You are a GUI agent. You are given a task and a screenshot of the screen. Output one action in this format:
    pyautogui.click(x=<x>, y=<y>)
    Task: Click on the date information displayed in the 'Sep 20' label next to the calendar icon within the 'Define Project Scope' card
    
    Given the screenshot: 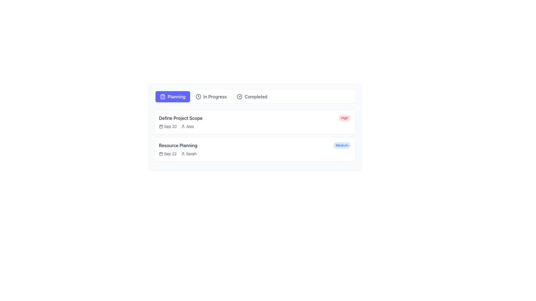 What is the action you would take?
    pyautogui.click(x=167, y=127)
    